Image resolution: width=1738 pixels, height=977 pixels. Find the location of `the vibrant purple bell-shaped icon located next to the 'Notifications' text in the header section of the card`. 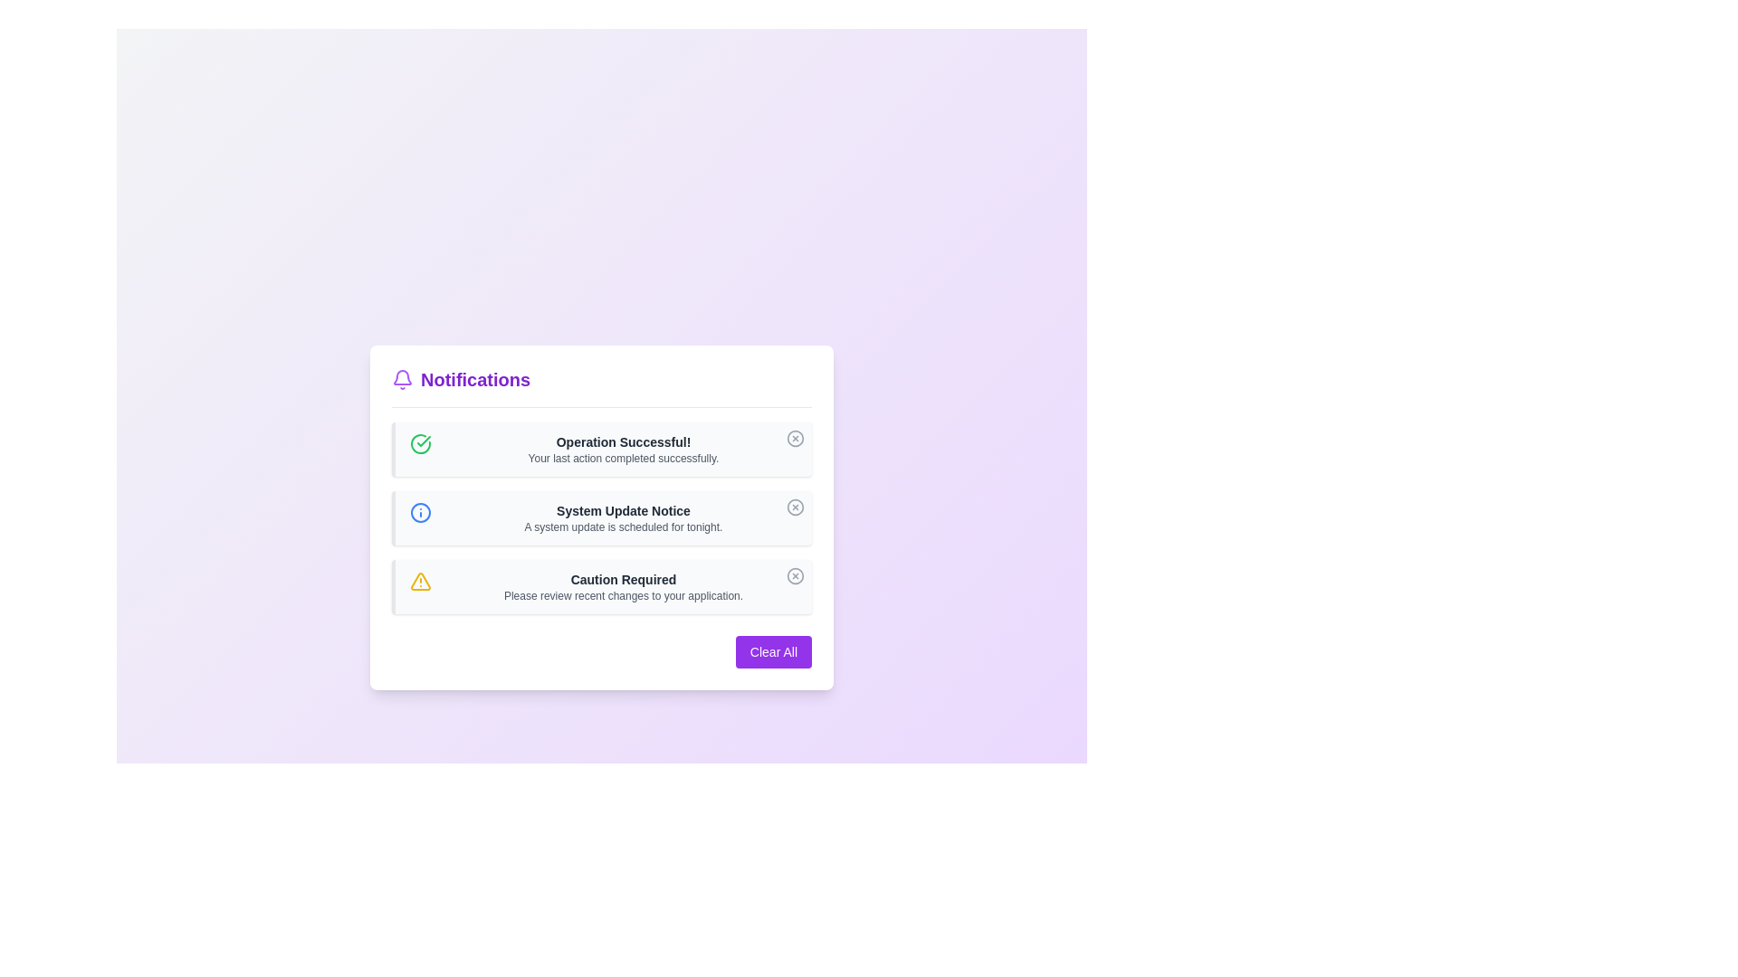

the vibrant purple bell-shaped icon located next to the 'Notifications' text in the header section of the card is located at coordinates (402, 378).